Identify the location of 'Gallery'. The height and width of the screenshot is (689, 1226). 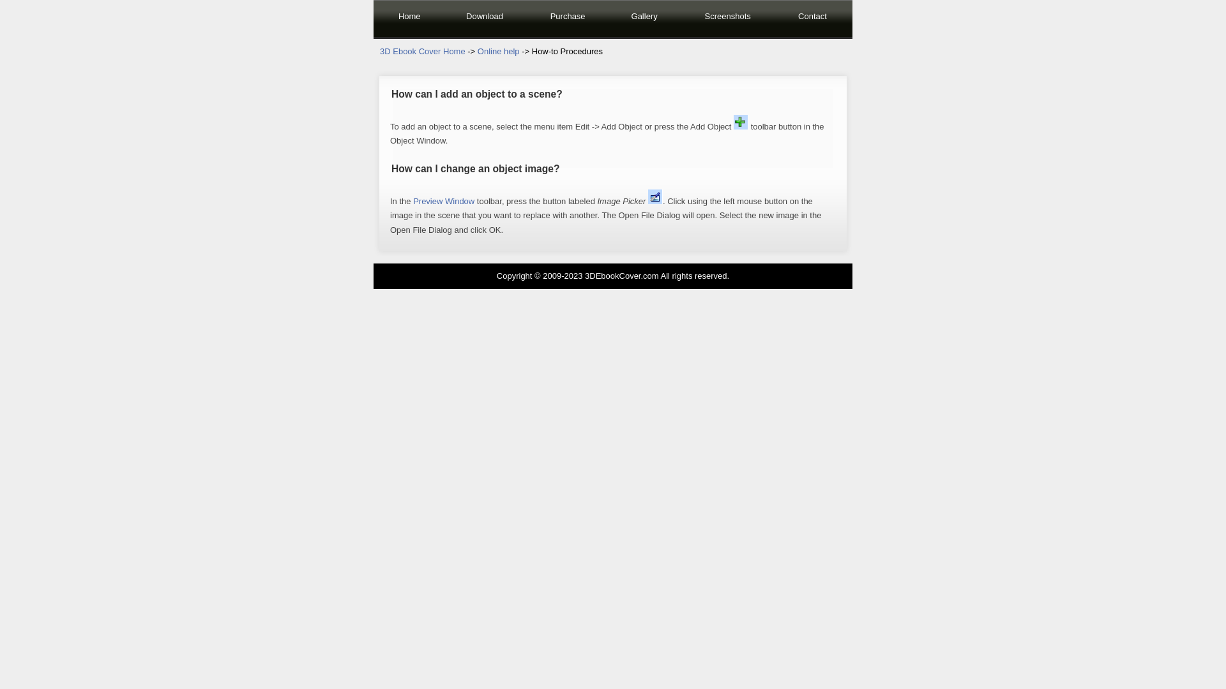
(644, 19).